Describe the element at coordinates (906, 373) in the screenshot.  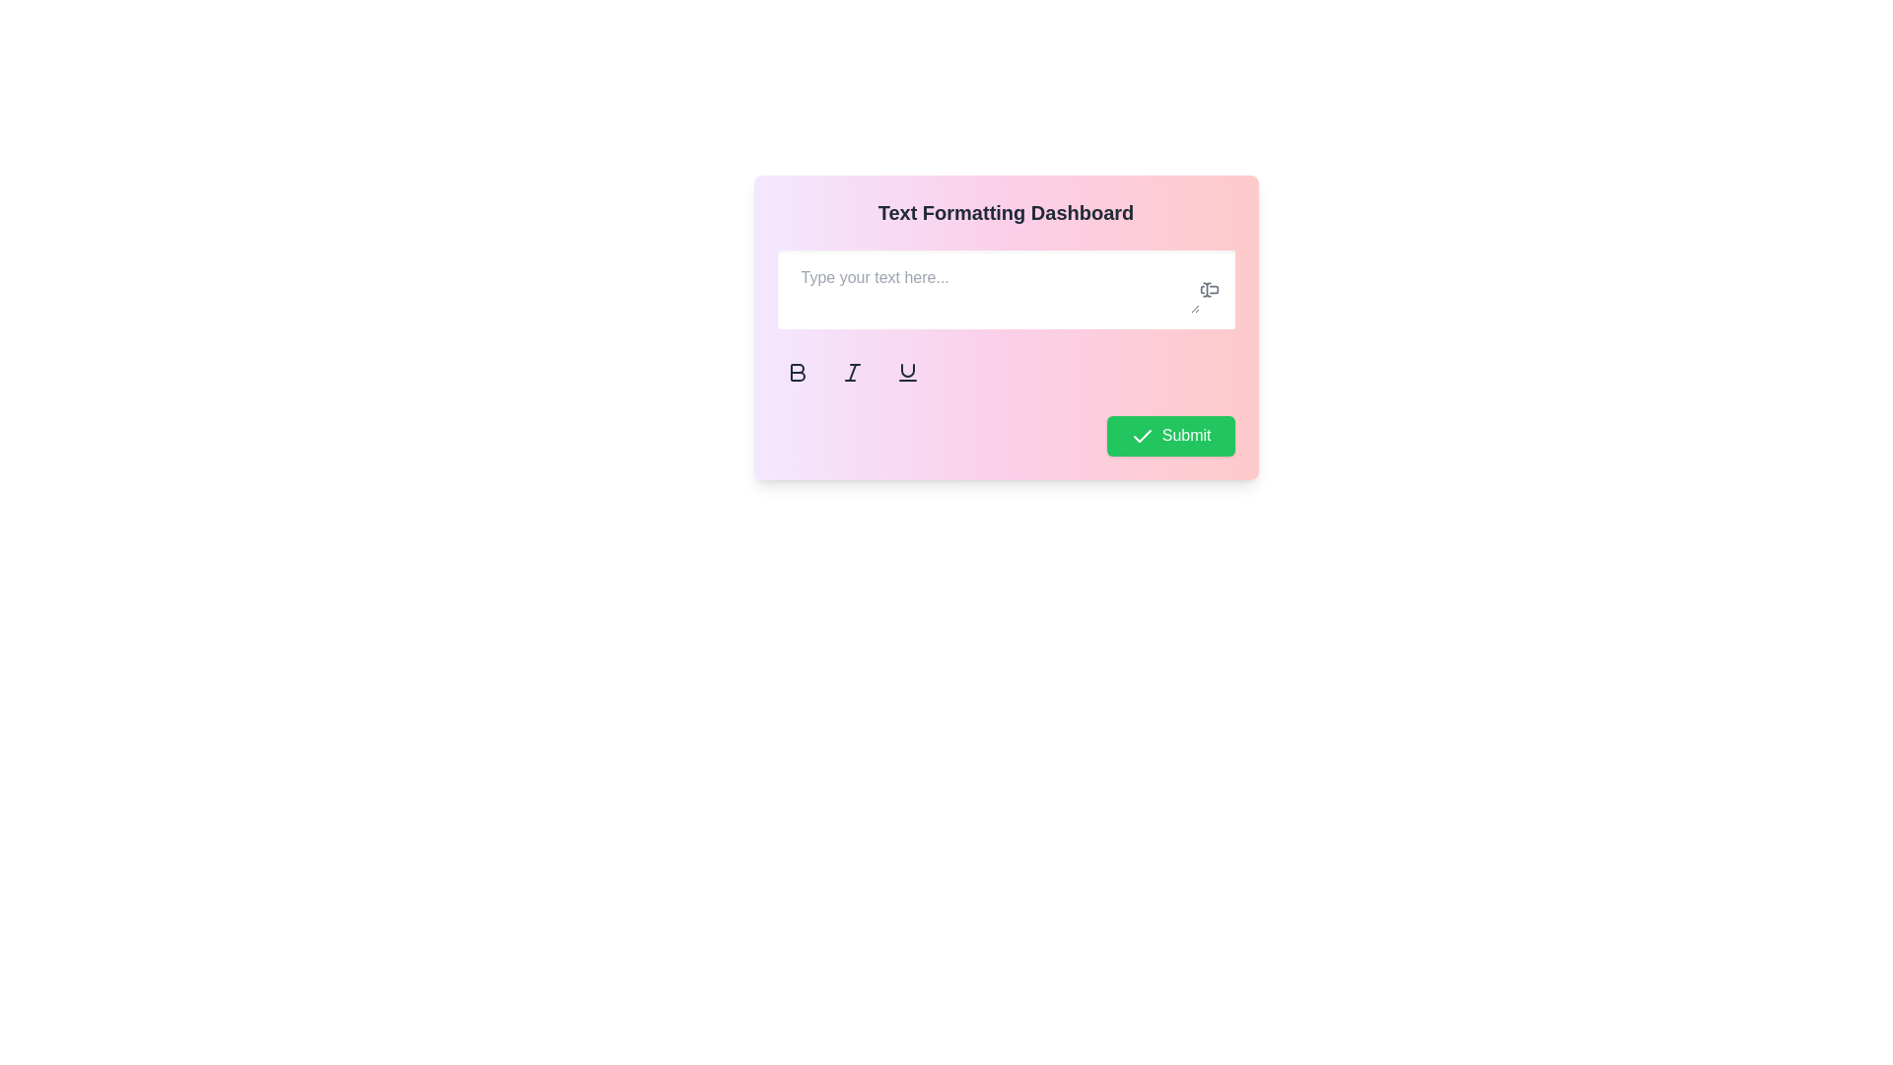
I see `the underline icon button, which is a U-shaped stroke with a horizontal line below it, located in the row of text formatting icons below the input text field` at that location.